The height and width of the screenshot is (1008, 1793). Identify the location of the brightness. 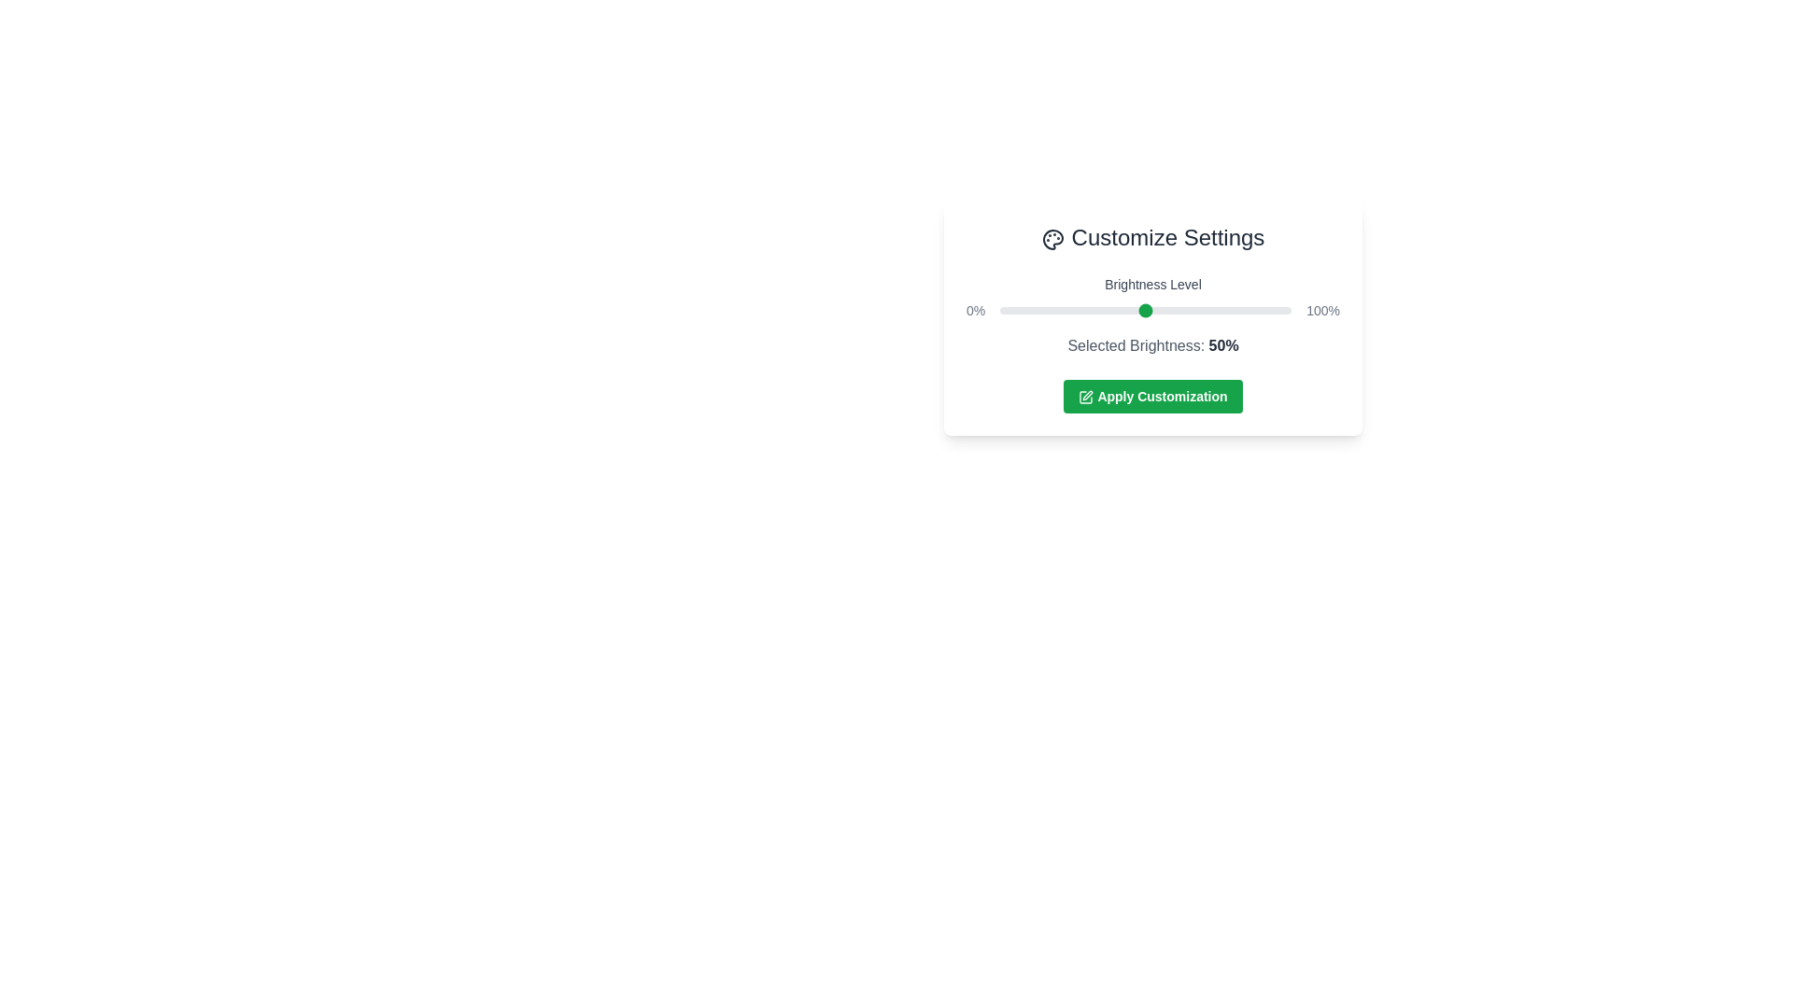
(1179, 309).